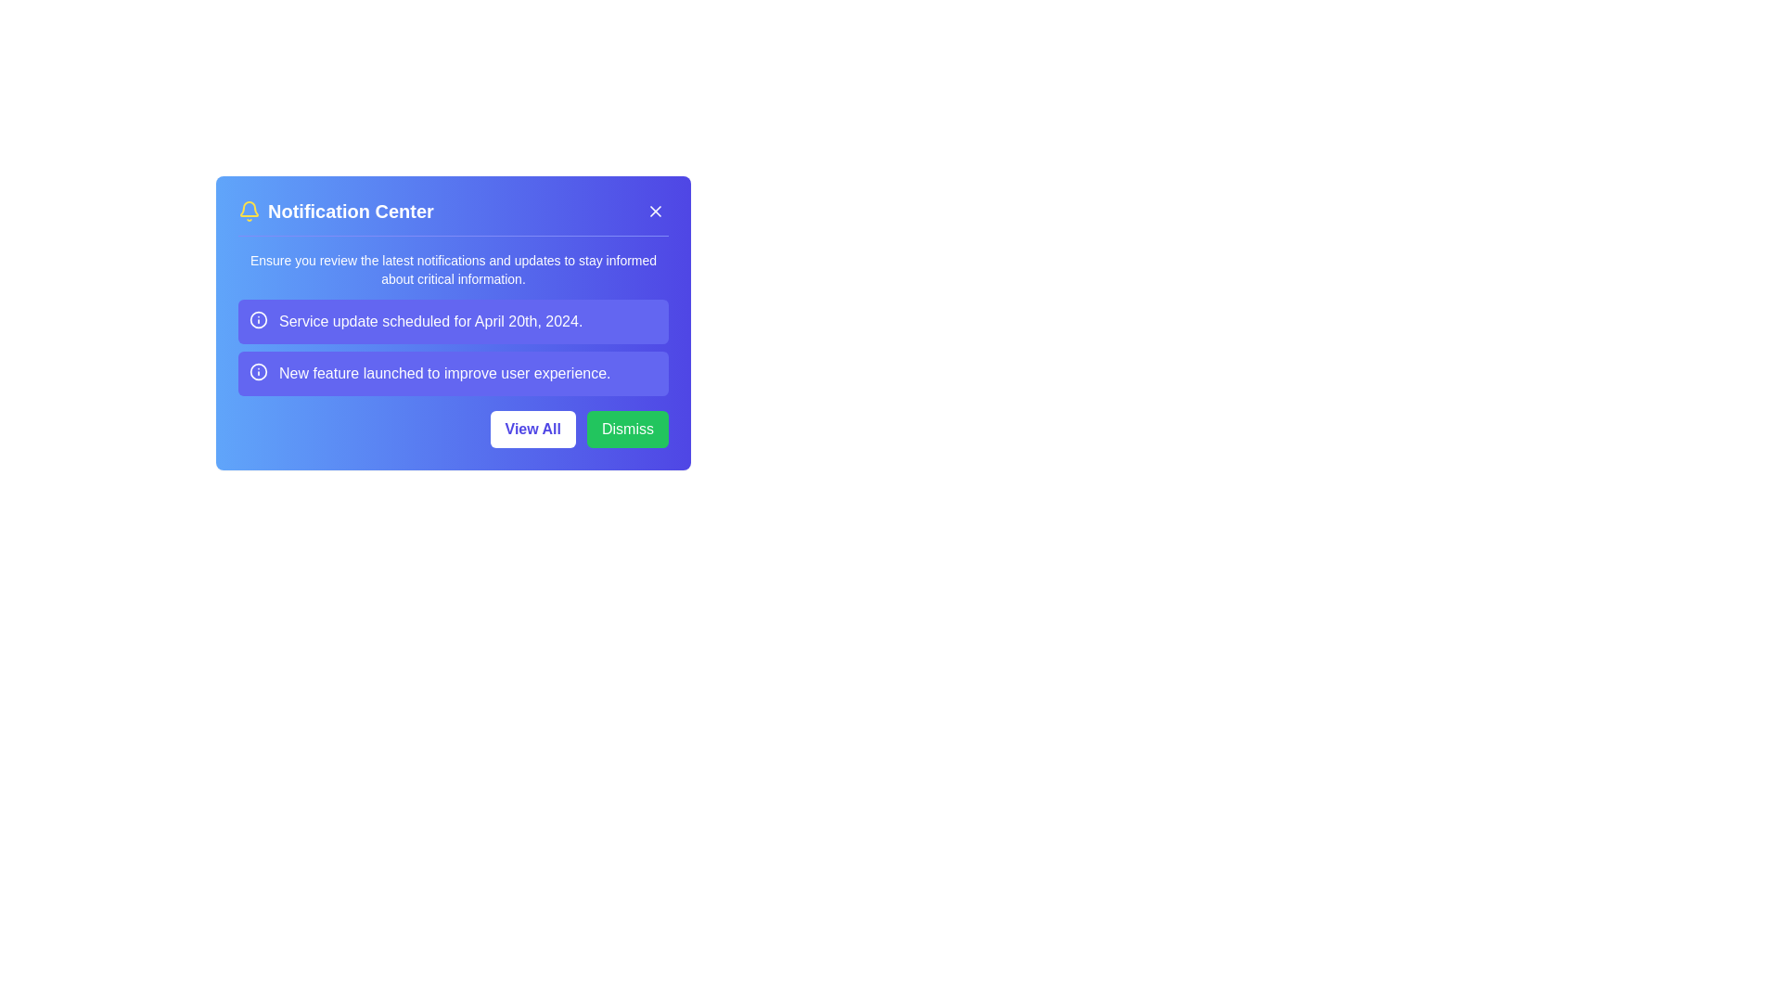 The image size is (1781, 1002). Describe the element at coordinates (257, 318) in the screenshot. I see `the topmost circular outline icon with a white stroke on a purple background located on the left side of the first notification item in the notification center` at that location.